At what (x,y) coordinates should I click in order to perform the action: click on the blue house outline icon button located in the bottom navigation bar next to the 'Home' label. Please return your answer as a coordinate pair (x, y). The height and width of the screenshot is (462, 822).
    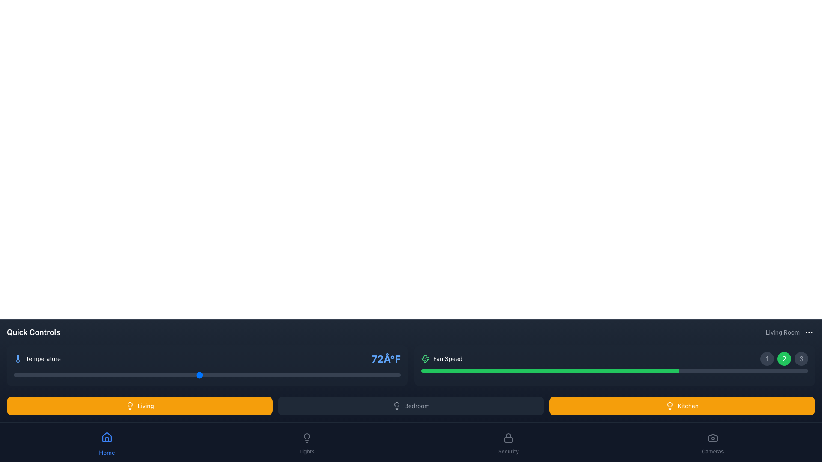
    Looking at the image, I should click on (106, 437).